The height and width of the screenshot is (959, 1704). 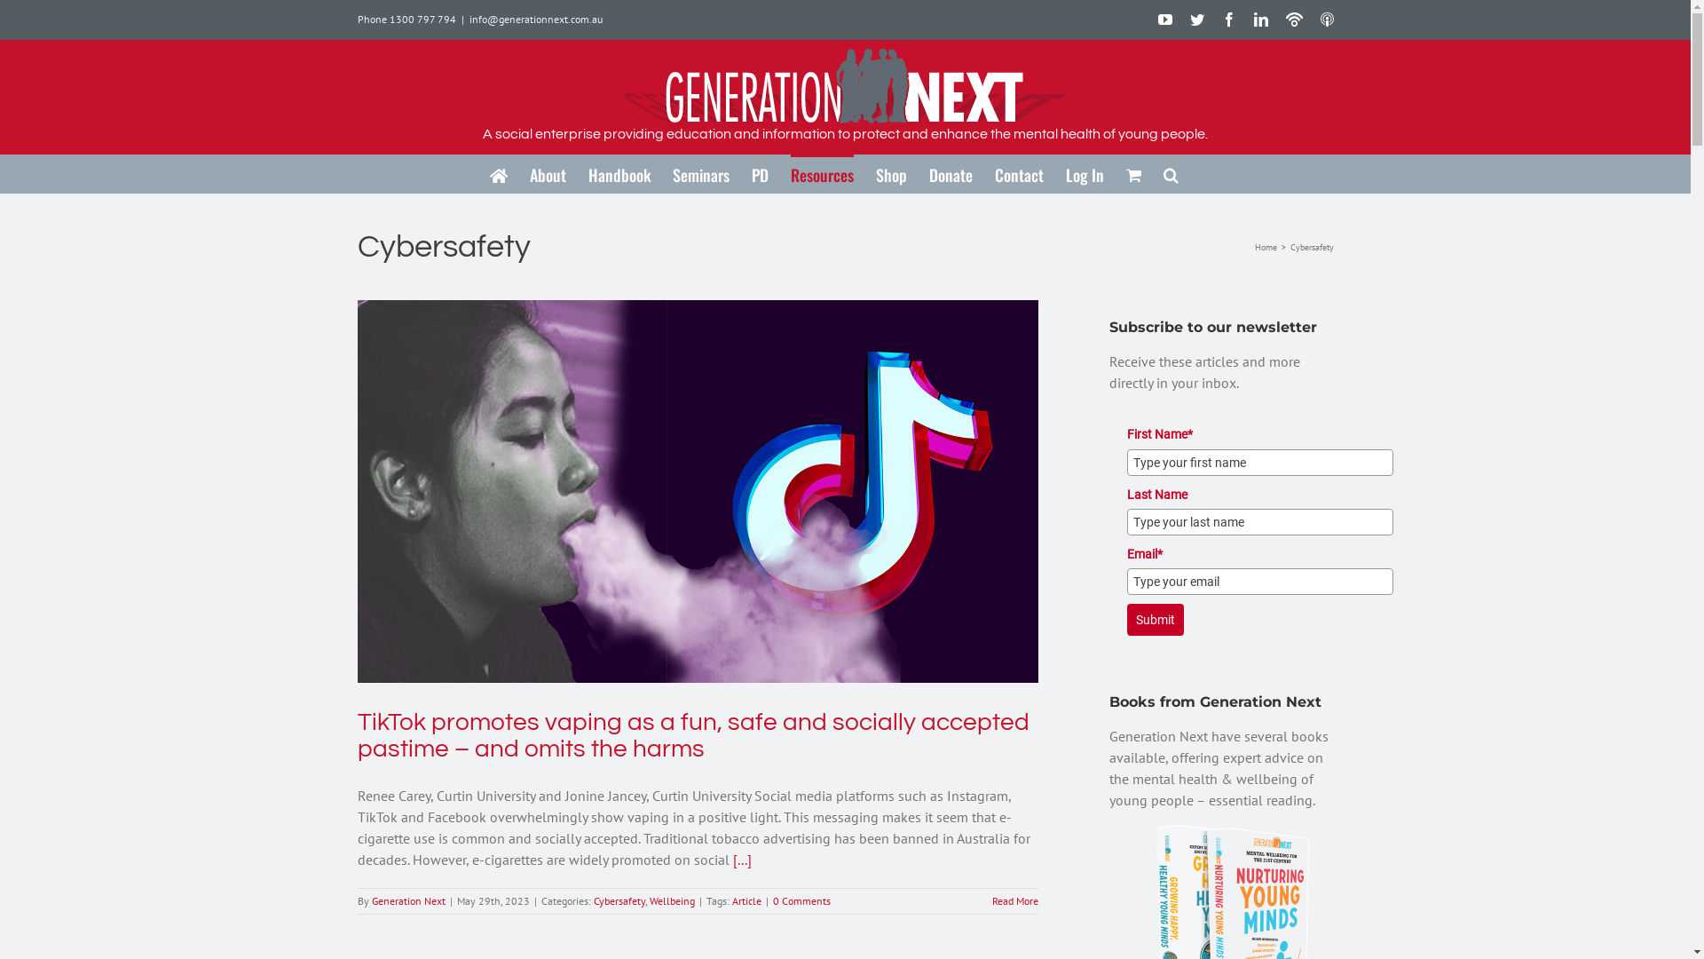 What do you see at coordinates (1171, 173) in the screenshot?
I see `'Search'` at bounding box center [1171, 173].